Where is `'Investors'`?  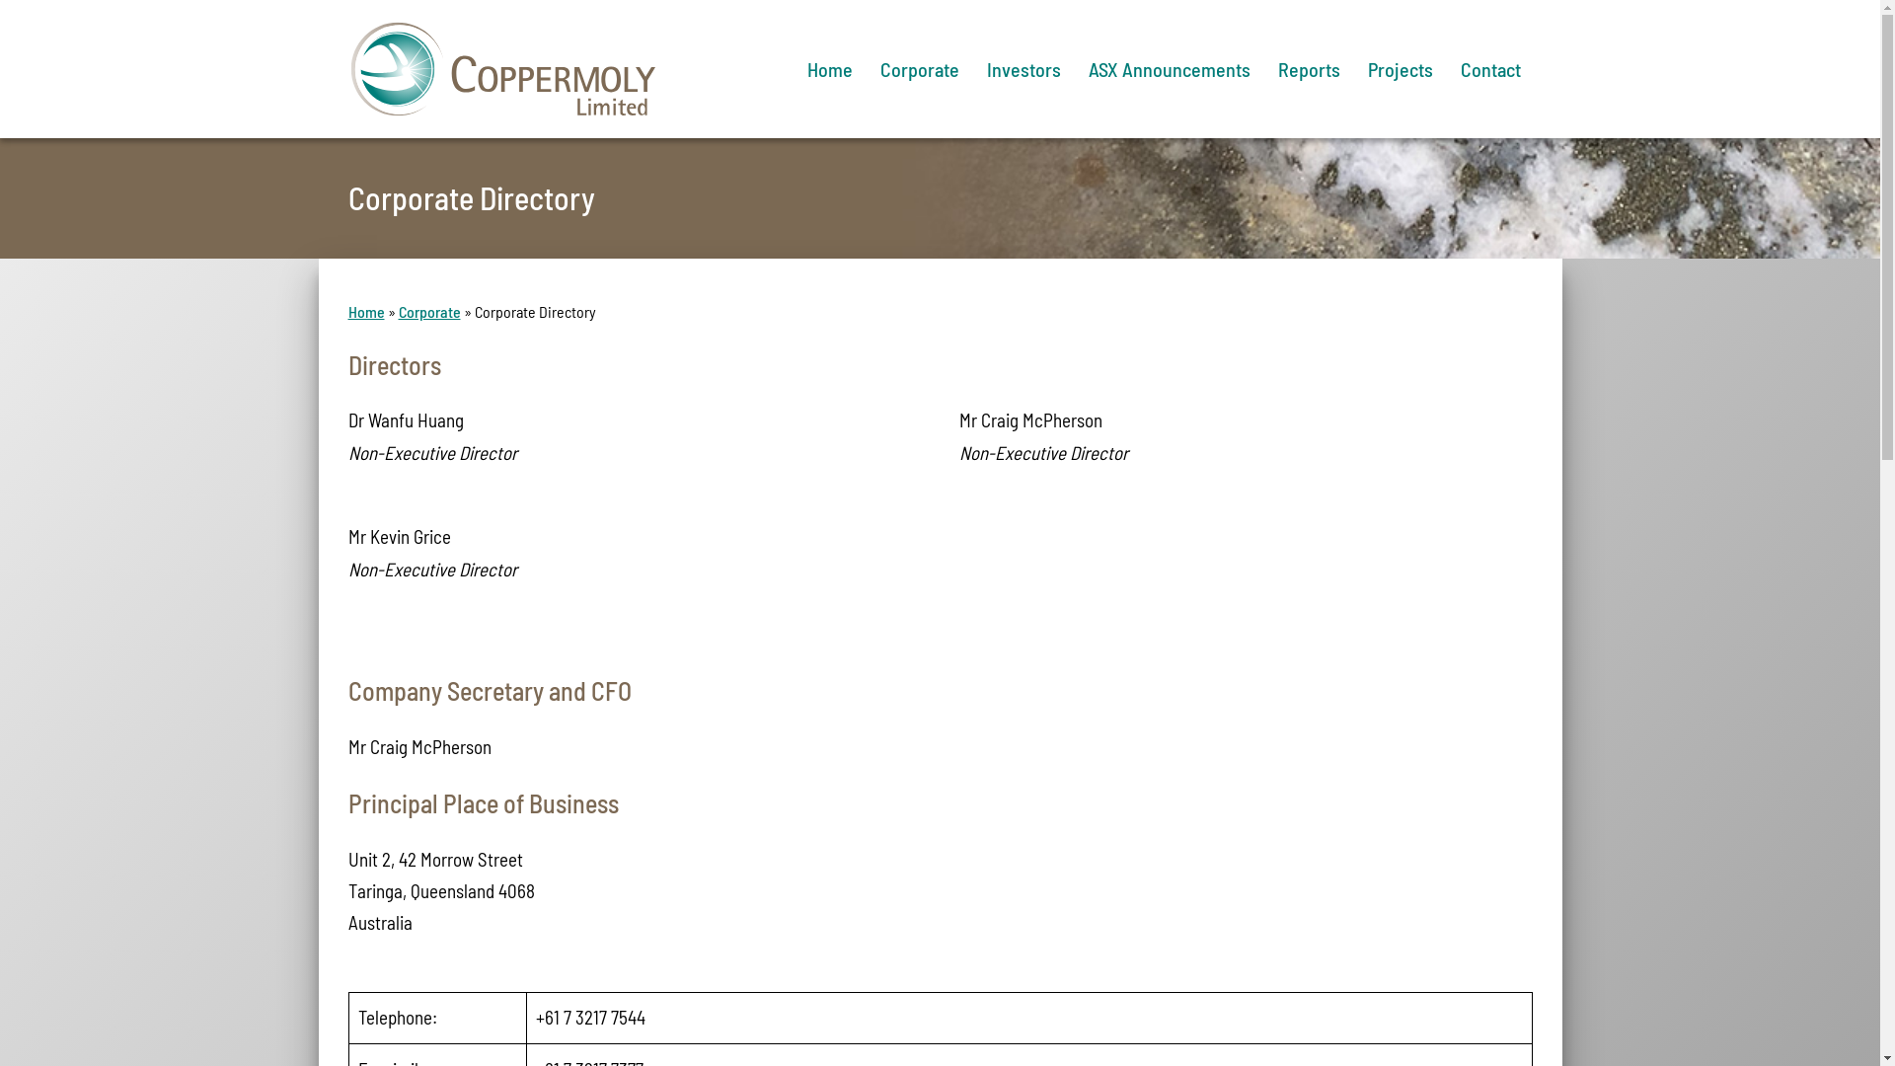
'Investors' is located at coordinates (1023, 67).